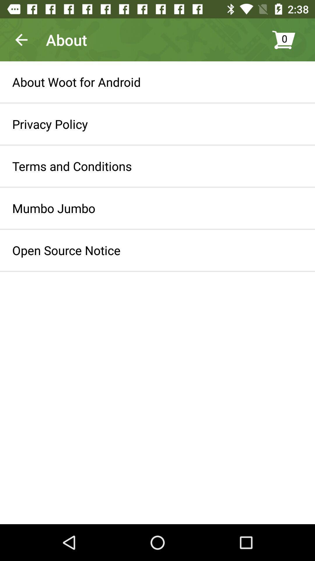 Image resolution: width=315 pixels, height=561 pixels. What do you see at coordinates (290, 39) in the screenshot?
I see `0 item` at bounding box center [290, 39].